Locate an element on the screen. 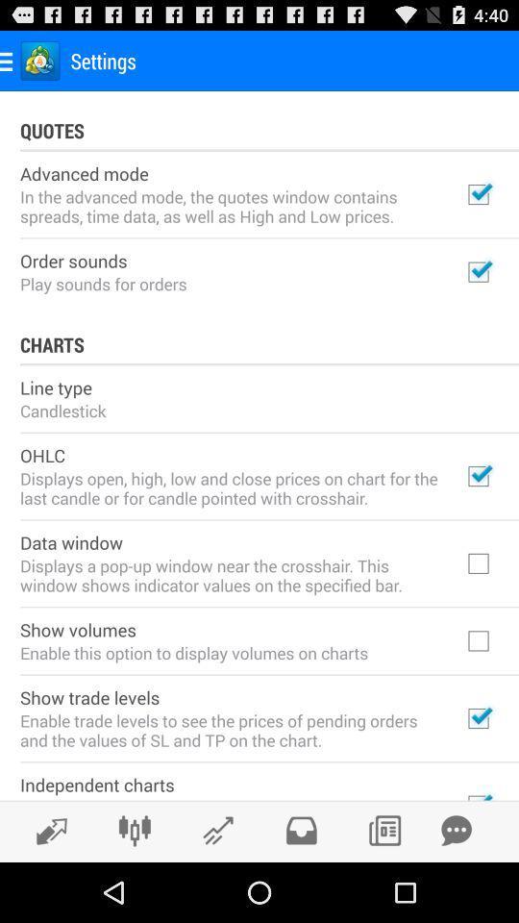 This screenshot has height=923, width=519. the edit icon is located at coordinates (46, 889).